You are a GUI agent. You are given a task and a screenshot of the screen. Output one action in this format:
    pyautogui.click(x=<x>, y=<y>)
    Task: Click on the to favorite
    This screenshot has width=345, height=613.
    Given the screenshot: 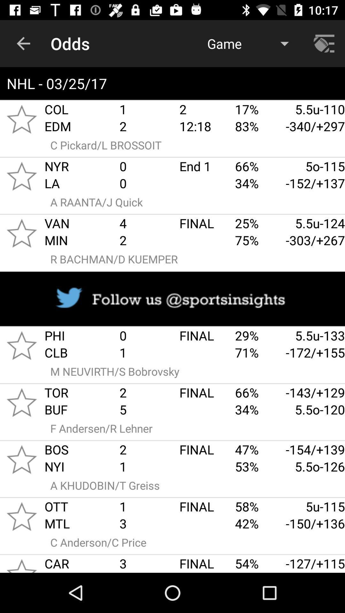 What is the action you would take?
    pyautogui.click(x=21, y=459)
    